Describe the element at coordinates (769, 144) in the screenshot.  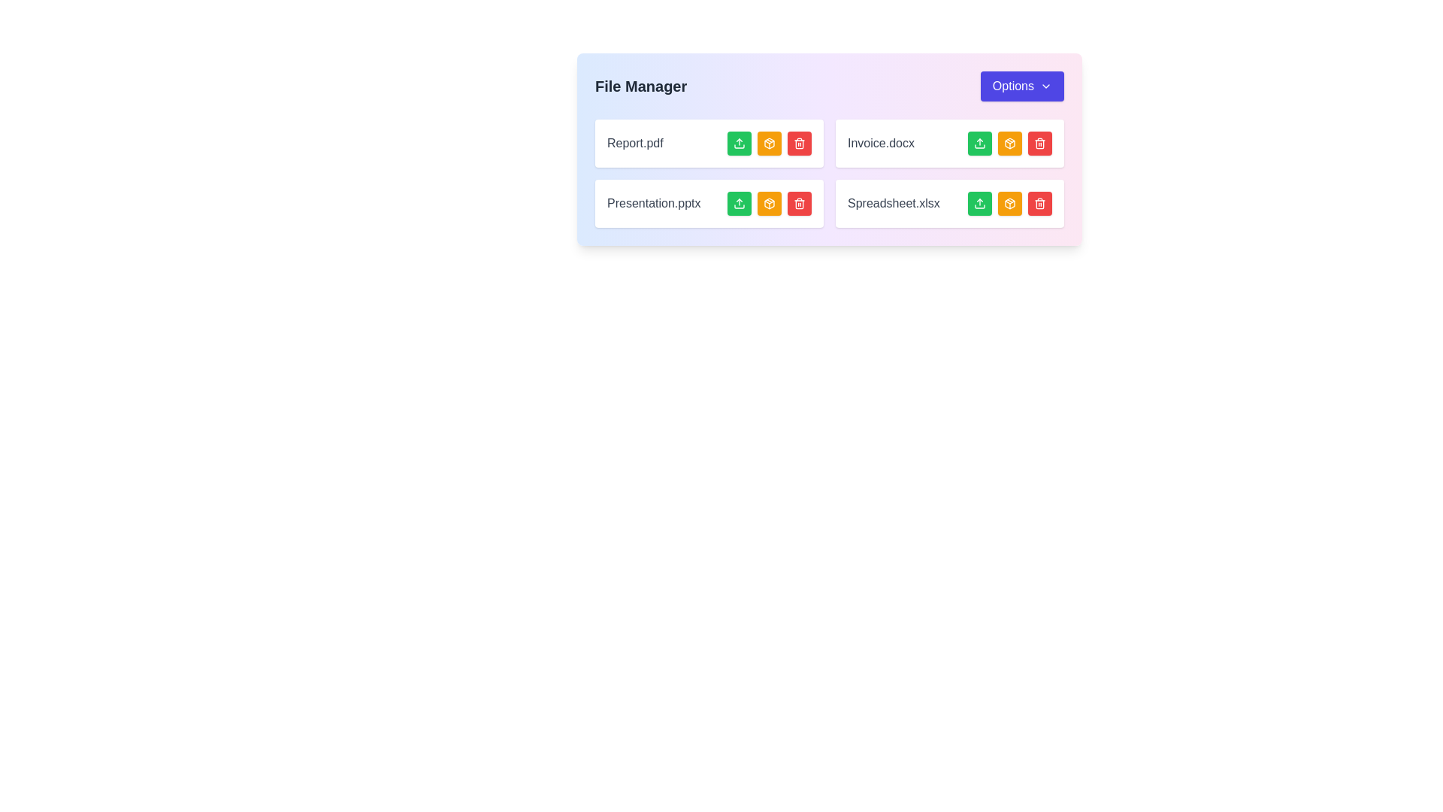
I see `the amber button with a white package box icon, which is the second button in a row of three buttons next to 'Report.pdf', to archive the file` at that location.